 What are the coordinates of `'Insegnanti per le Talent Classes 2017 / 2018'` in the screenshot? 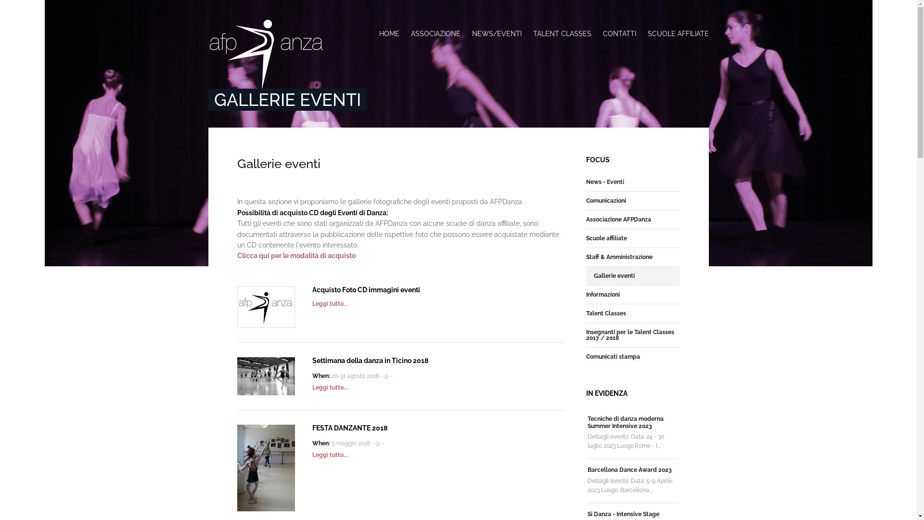 It's located at (633, 334).